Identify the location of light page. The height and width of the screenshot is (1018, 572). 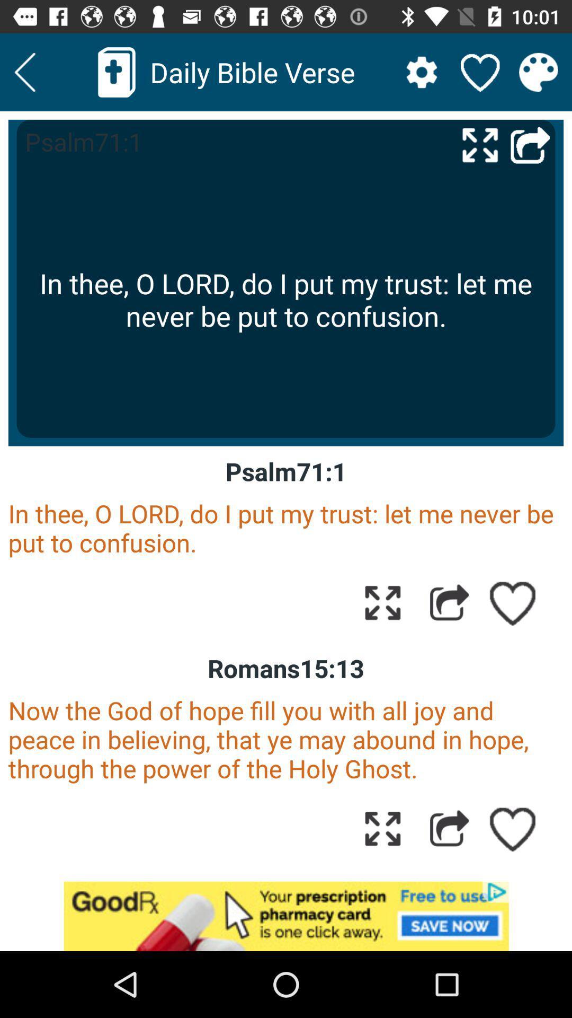
(24, 72).